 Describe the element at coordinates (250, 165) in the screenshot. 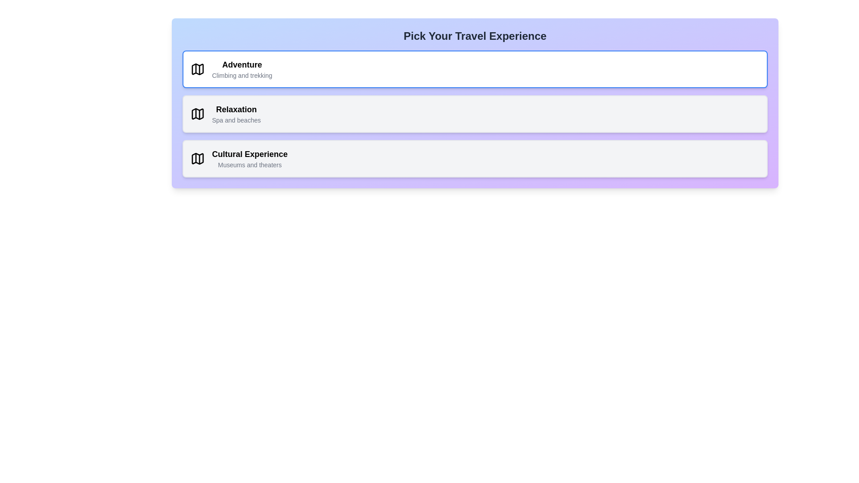

I see `the text label displaying 'Museums and theaters' located below the title 'Cultural Experience' in the UI` at that location.